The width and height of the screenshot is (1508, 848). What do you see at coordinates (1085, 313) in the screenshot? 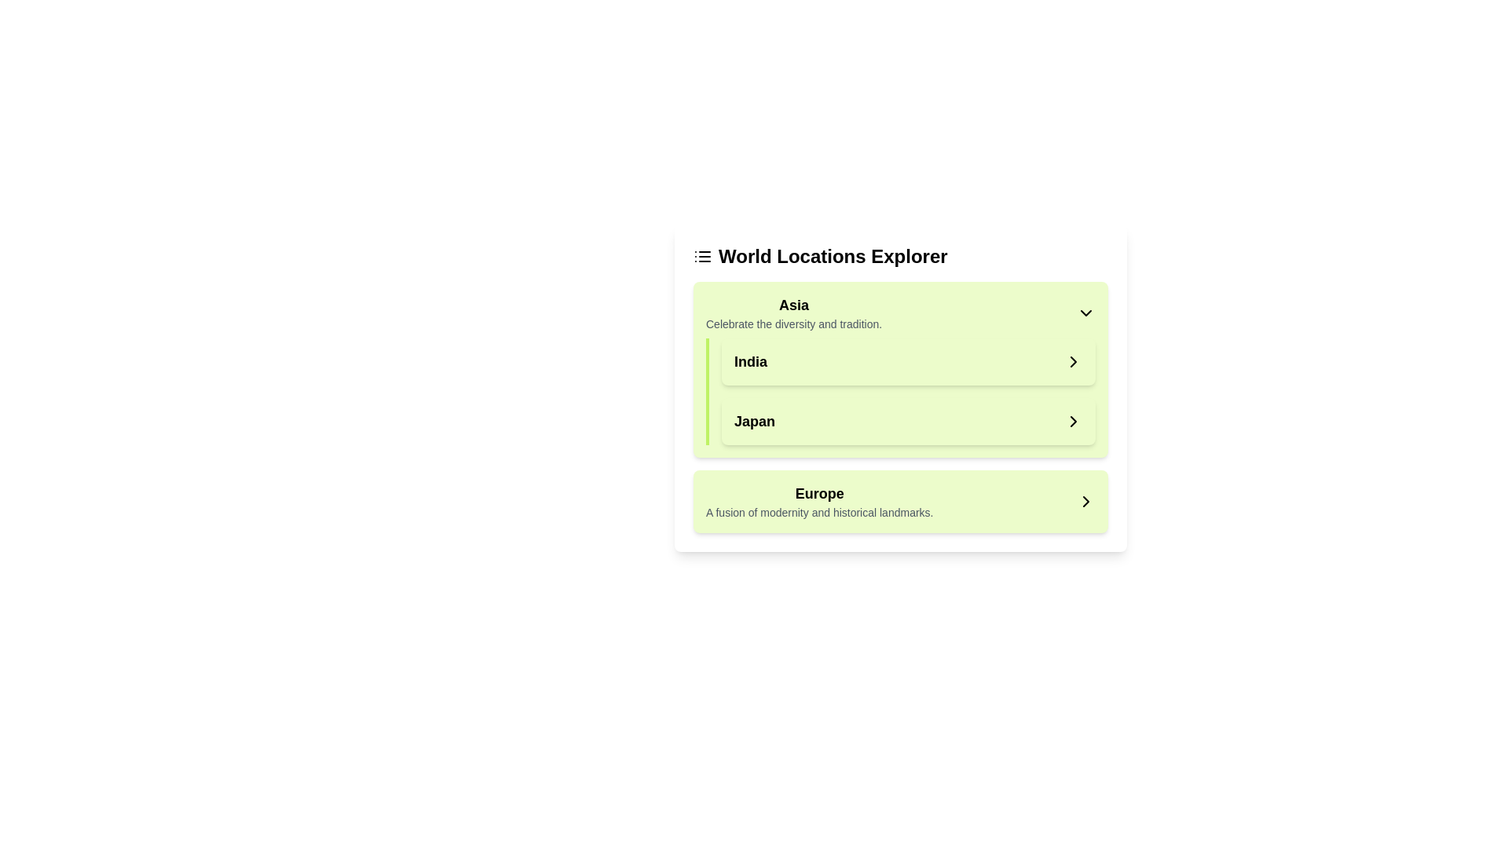
I see `the downward-facing chevron icon with a black stroke on a light green background located in the top-right corner of the 'Asia' section` at bounding box center [1085, 313].